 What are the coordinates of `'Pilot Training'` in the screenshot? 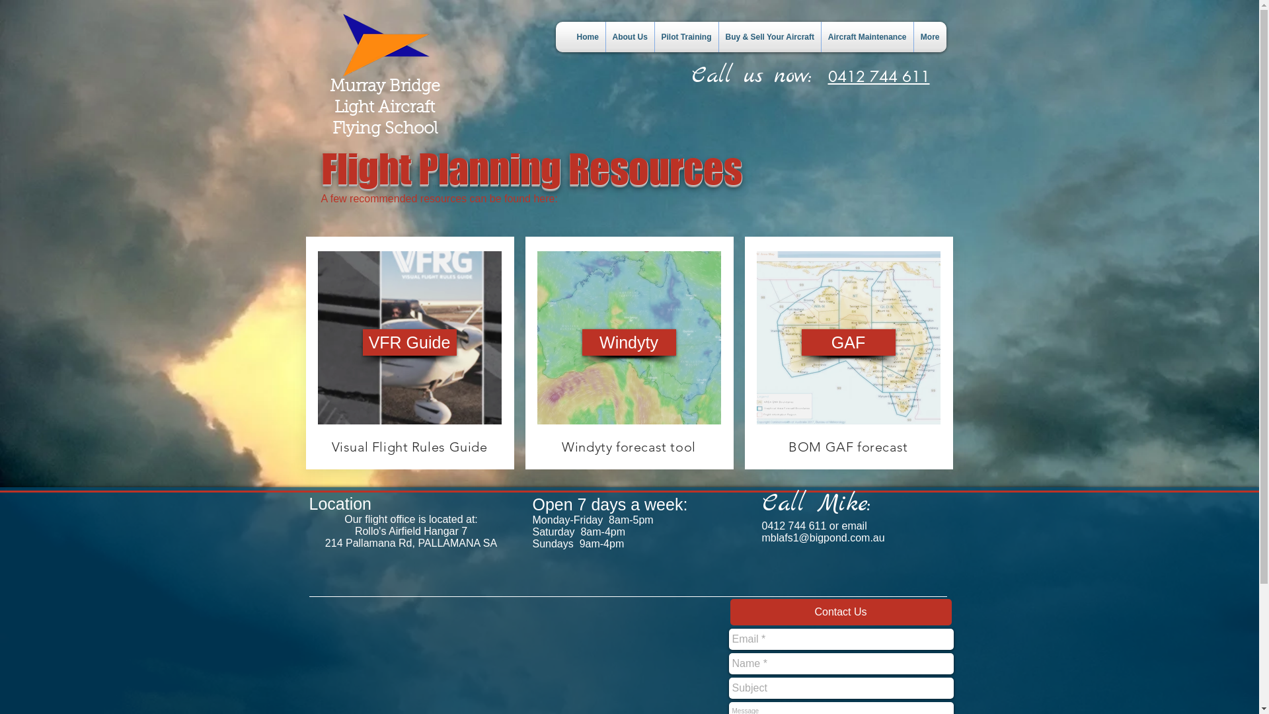 It's located at (685, 36).